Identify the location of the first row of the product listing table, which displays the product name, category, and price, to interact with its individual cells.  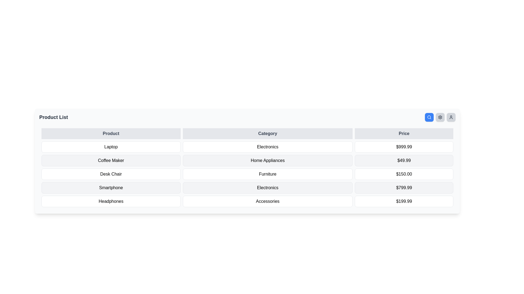
(247, 147).